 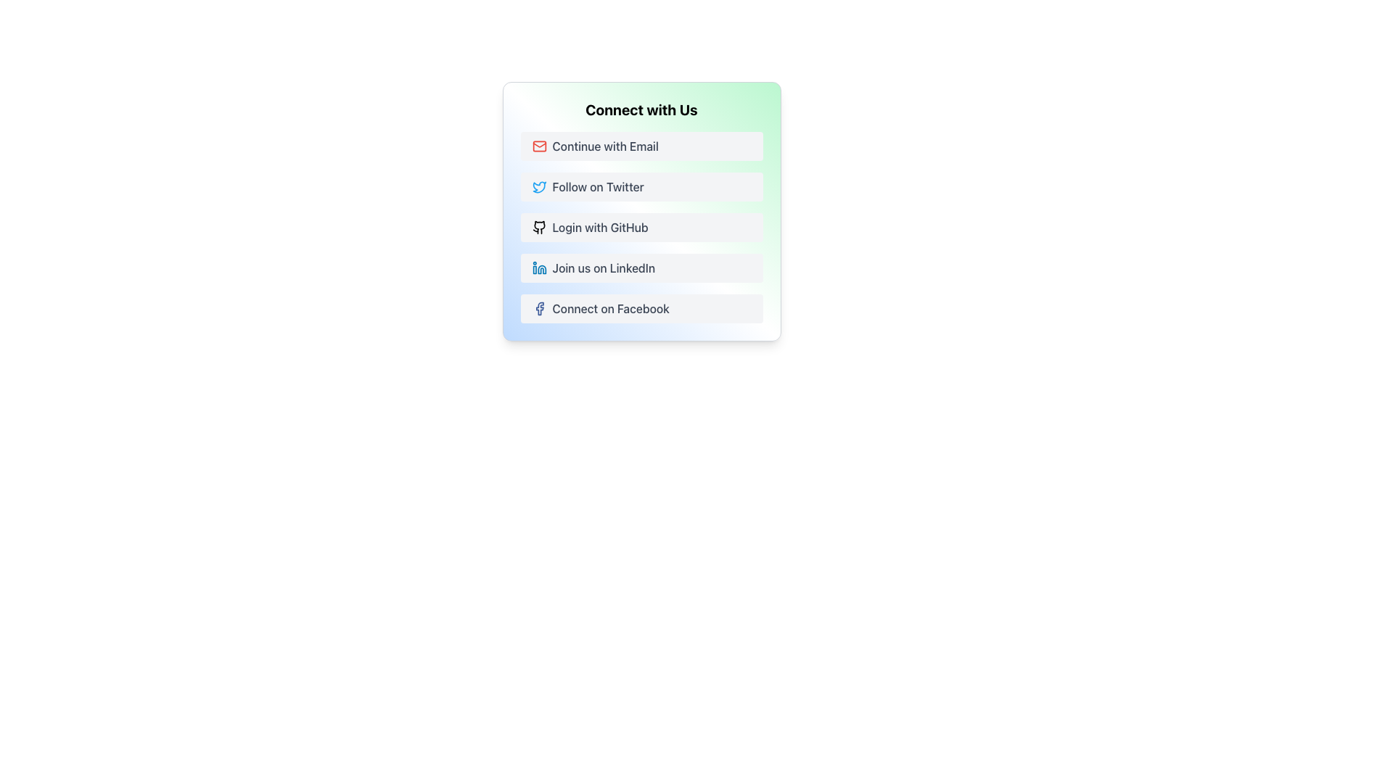 What do you see at coordinates (641, 227) in the screenshot?
I see `the 'Login with GitHub' button, which is a rectangular button with a GitHub icon and medium gray text, positioned between the 'Follow on Twitter' and 'Join us on LinkedIn' buttons` at bounding box center [641, 227].